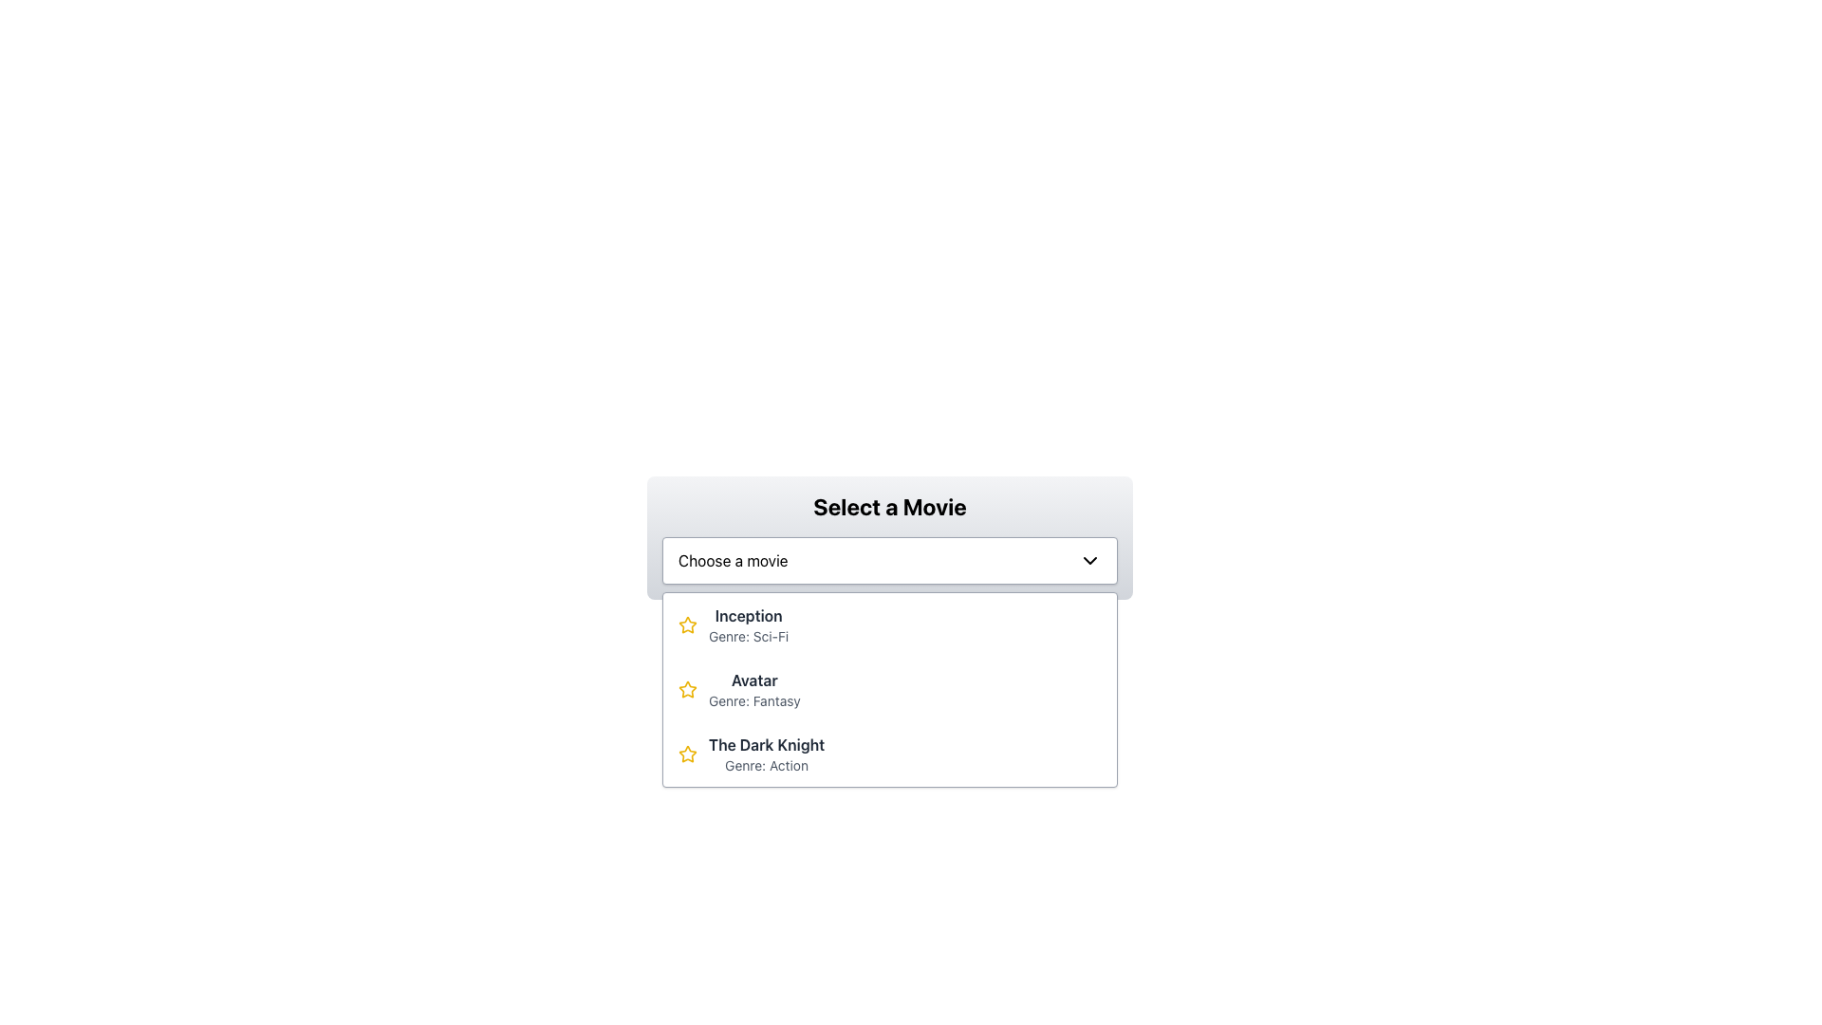  What do you see at coordinates (767, 764) in the screenshot?
I see `the text label displaying 'Genre: Action', which is styled in gray and located below 'The Dark Knight' in the dropdown menu of movie listings` at bounding box center [767, 764].